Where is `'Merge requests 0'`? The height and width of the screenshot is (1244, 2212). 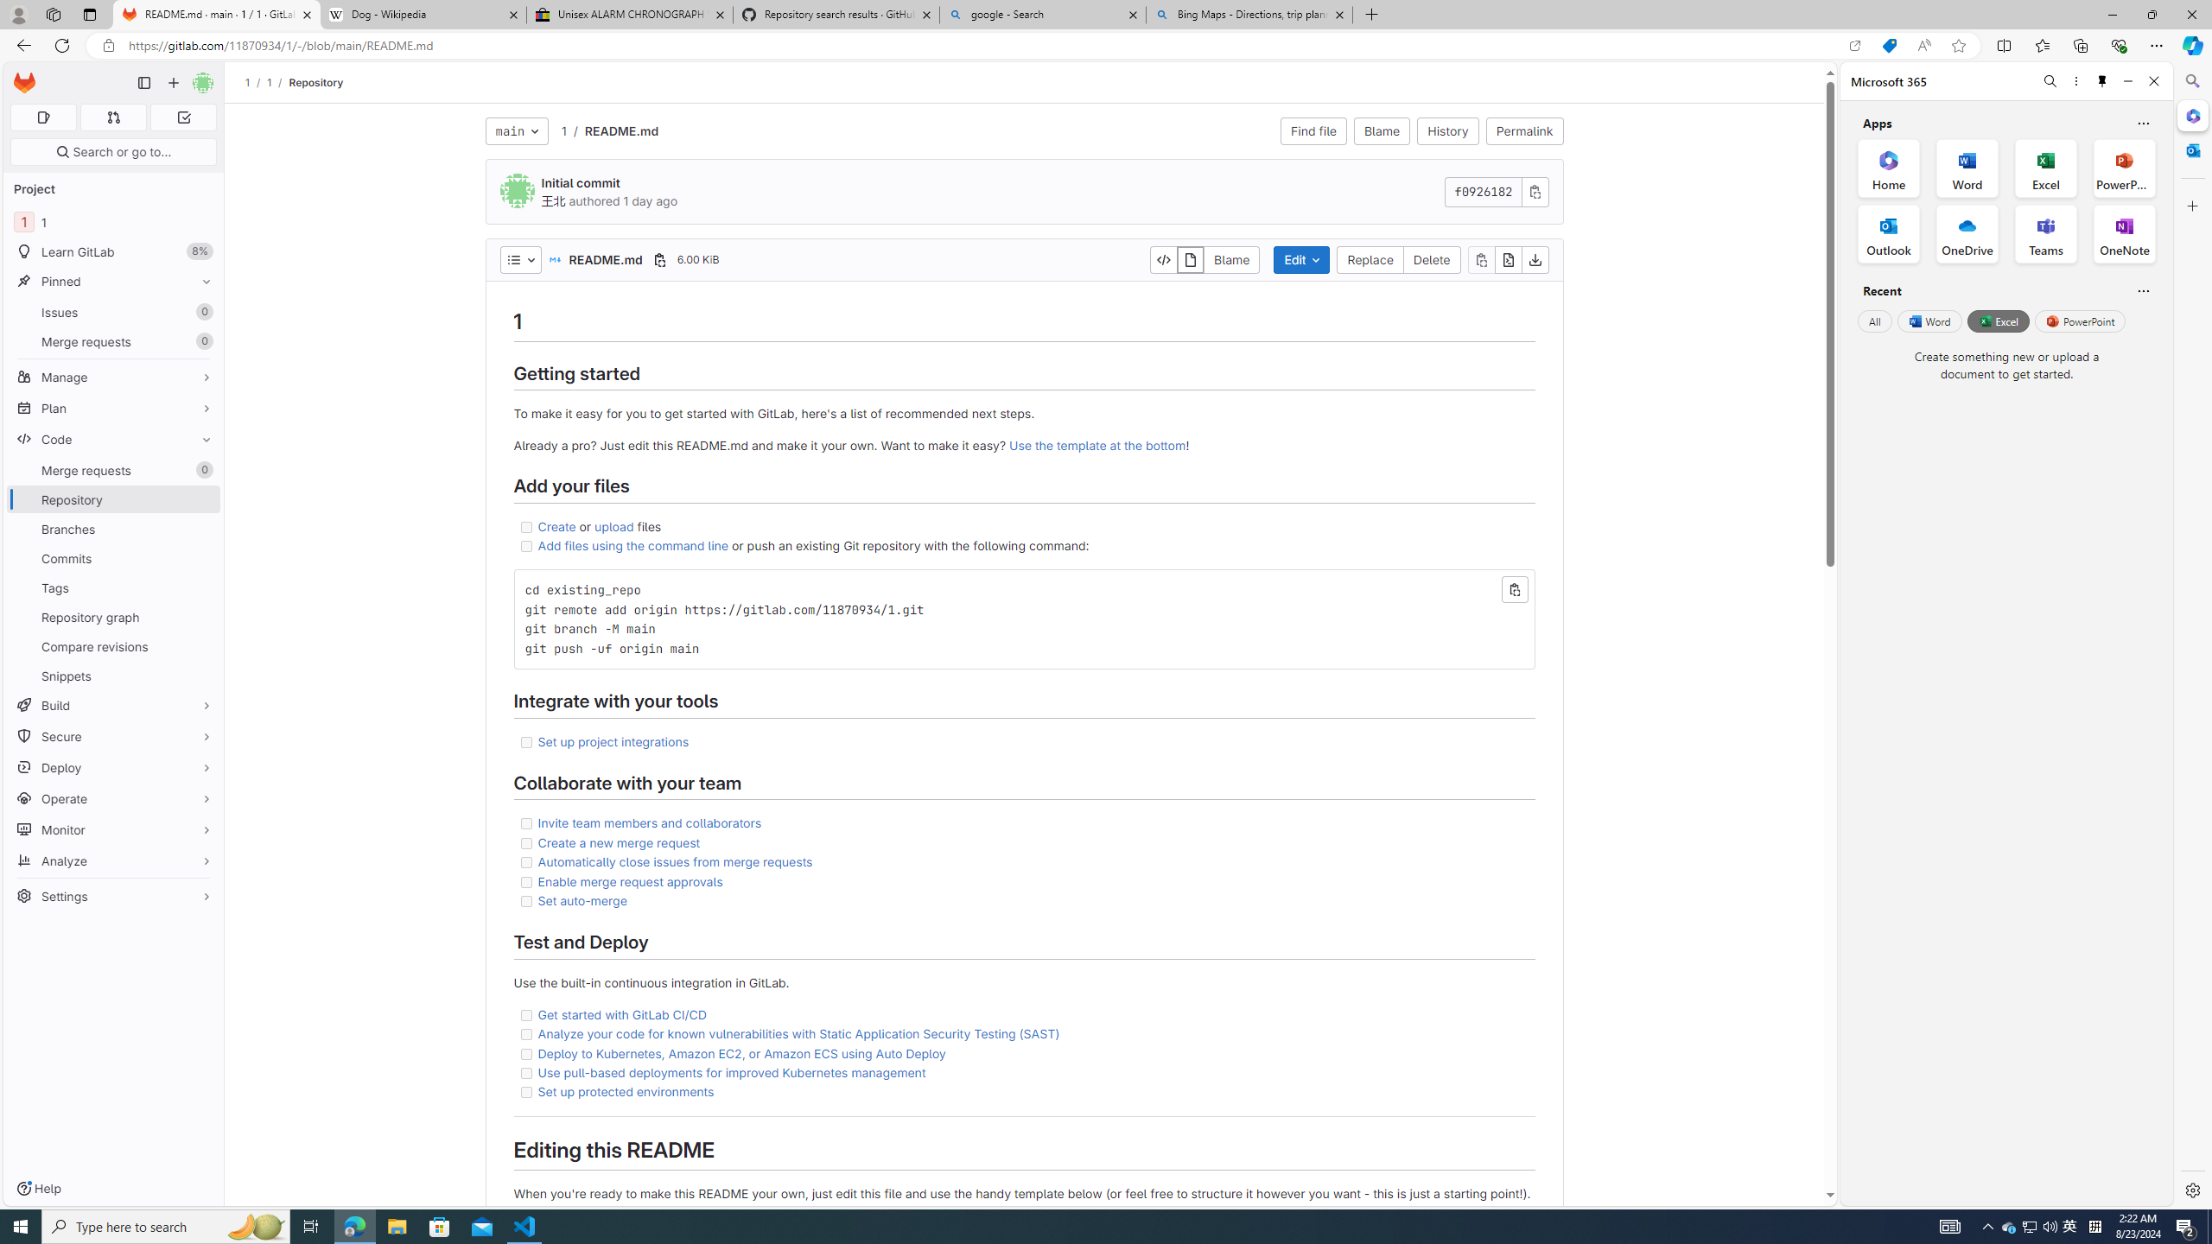
'Merge requests 0' is located at coordinates (112, 470).